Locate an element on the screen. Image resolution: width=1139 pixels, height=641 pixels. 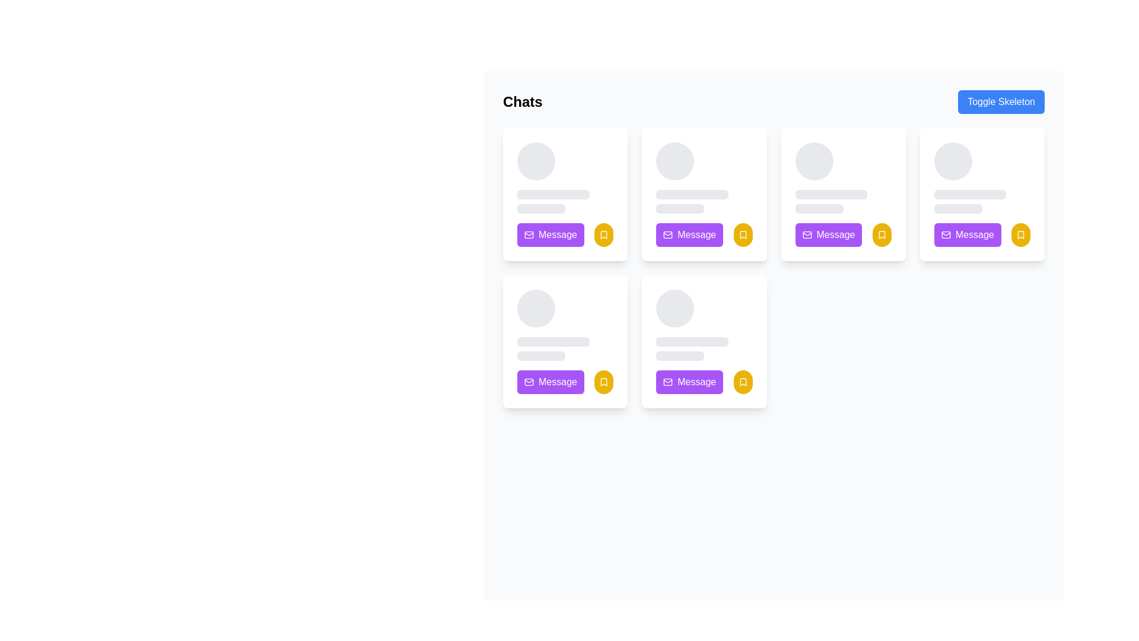
the purple rounded rectangular icon decoration that is part of the mail-like 'Message' button located in the bottom left card of the grid layout is located at coordinates (529, 382).